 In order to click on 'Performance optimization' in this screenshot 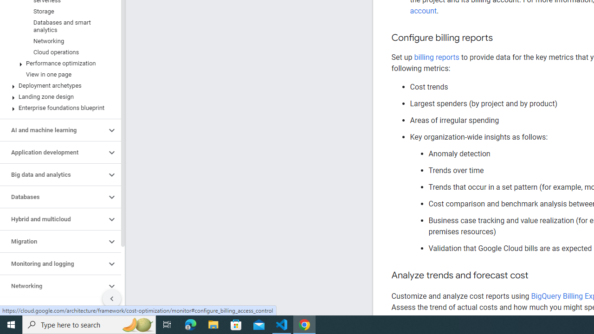, I will do `click(58, 63)`.